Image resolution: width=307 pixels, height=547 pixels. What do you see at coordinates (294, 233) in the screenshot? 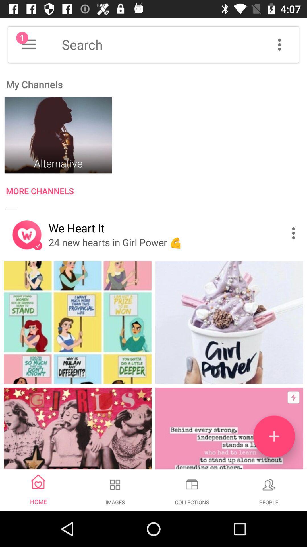
I see `the item to the right of the we heart it` at bounding box center [294, 233].